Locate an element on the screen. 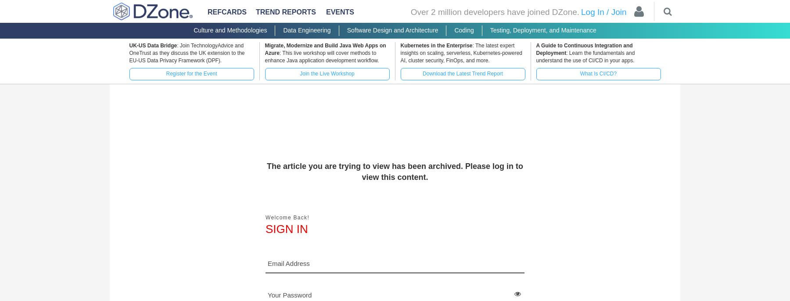 The image size is (790, 301). 'Migrate, Modernize and Build Java Web Apps on Azure' is located at coordinates (325, 49).